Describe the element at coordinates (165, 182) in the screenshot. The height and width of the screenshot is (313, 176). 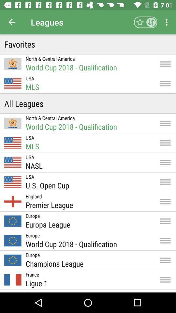
I see `icon right to the text us open cup` at that location.